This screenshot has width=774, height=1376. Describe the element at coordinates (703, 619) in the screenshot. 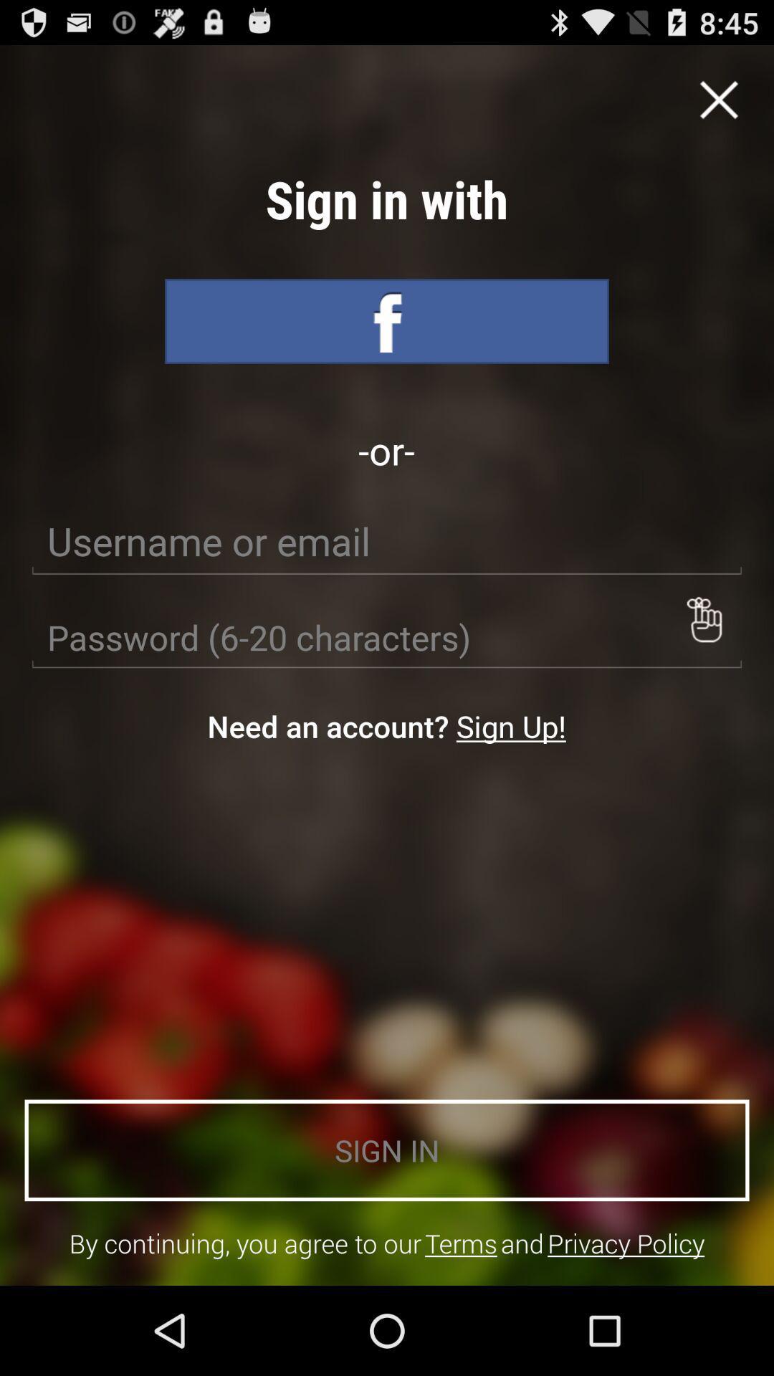

I see `password visibility` at that location.